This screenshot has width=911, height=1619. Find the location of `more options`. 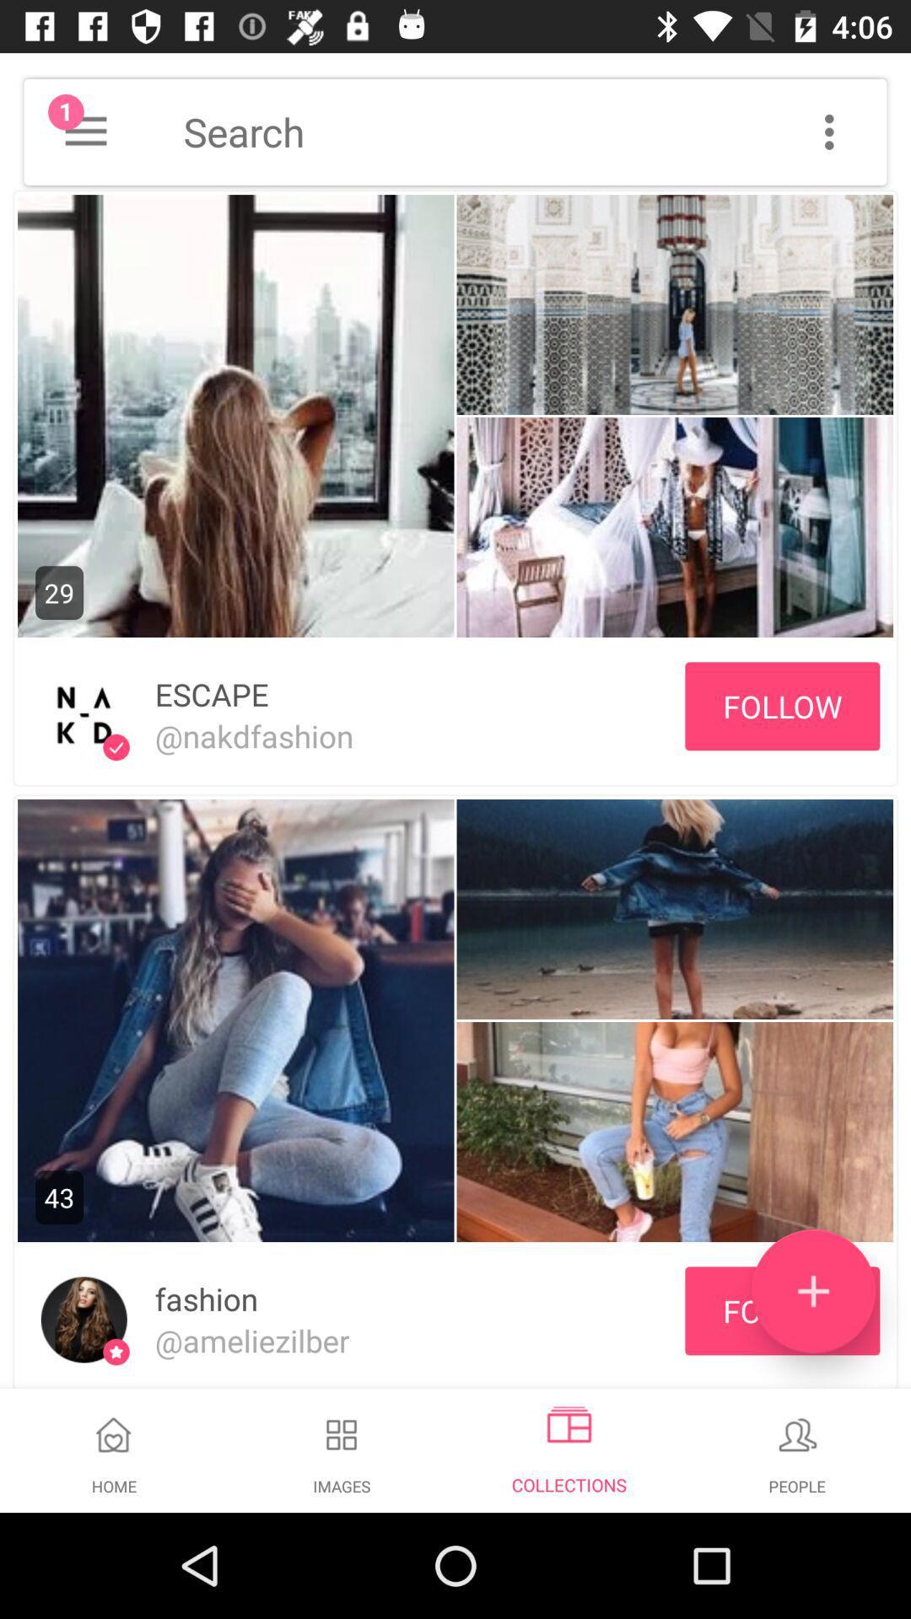

more options is located at coordinates (828, 131).